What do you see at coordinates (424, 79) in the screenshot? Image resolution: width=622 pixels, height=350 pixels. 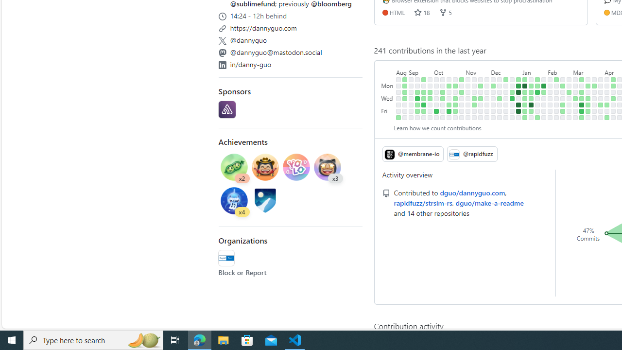 I see `'2 contributions on September 17th.'` at bounding box center [424, 79].